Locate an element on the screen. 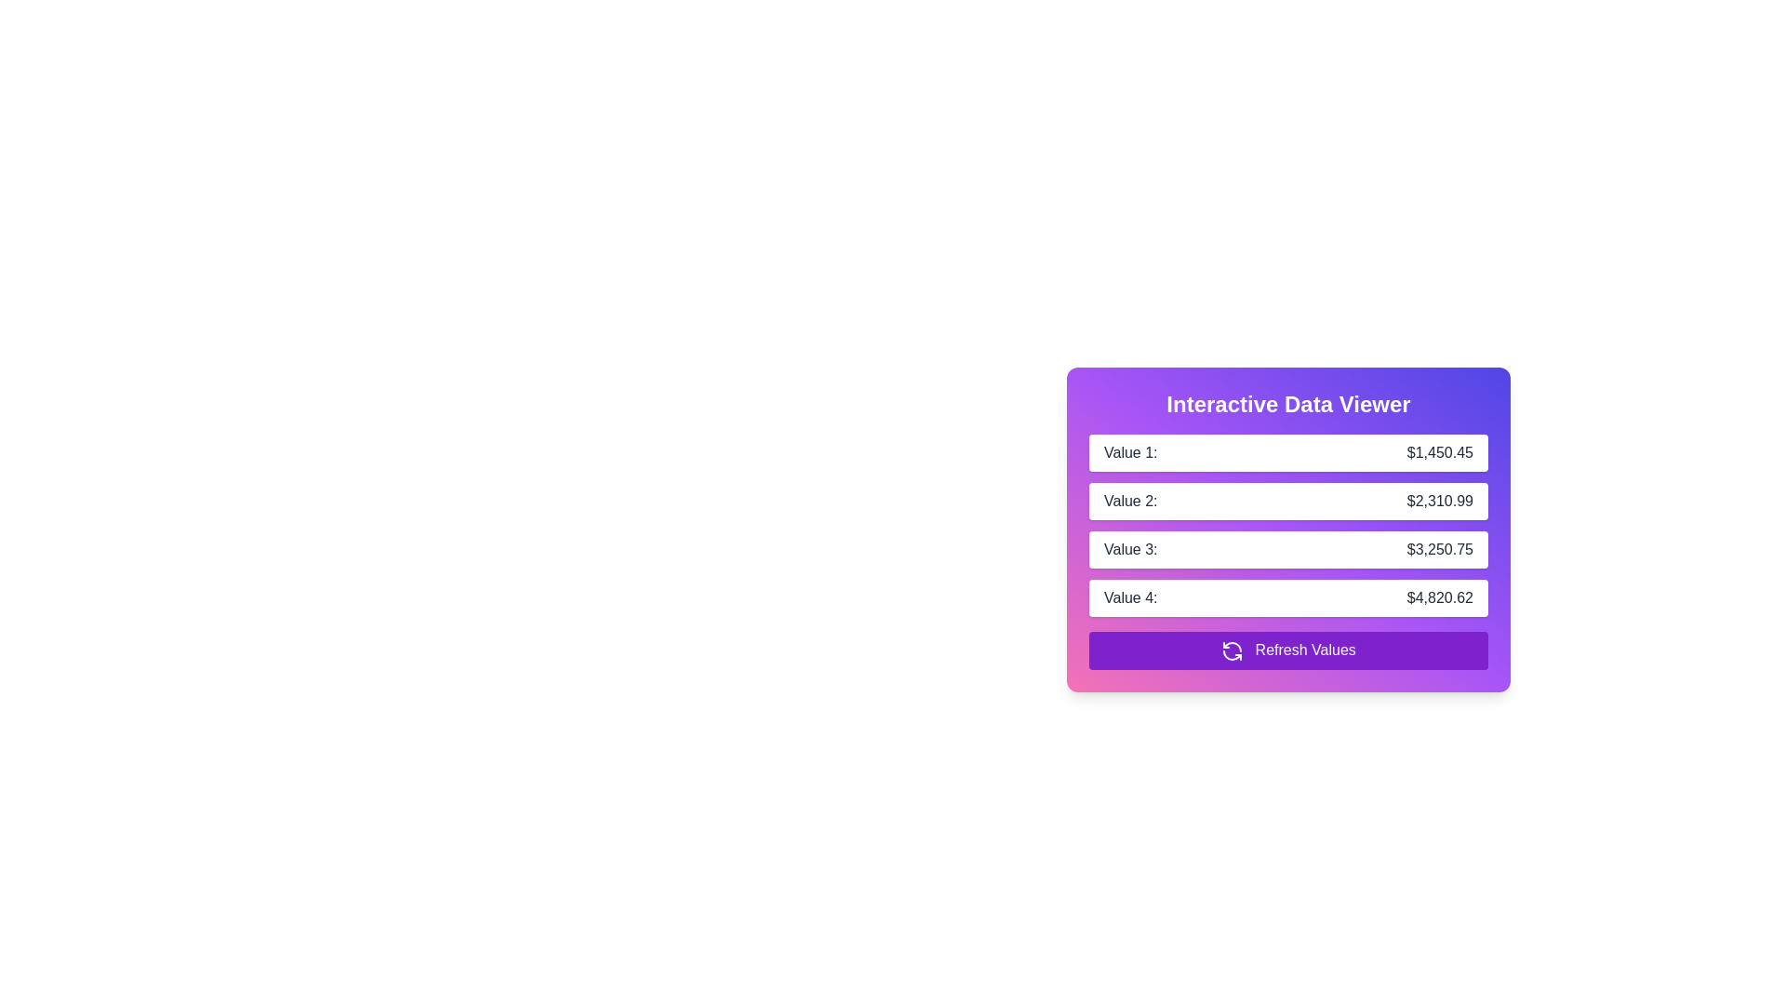 This screenshot has width=1786, height=1005. the text label for the fourth entry in the data viewer, which provides context for the associated value displayed to its right, located under the header 'Interactive Data Viewer' is located at coordinates (1129, 598).